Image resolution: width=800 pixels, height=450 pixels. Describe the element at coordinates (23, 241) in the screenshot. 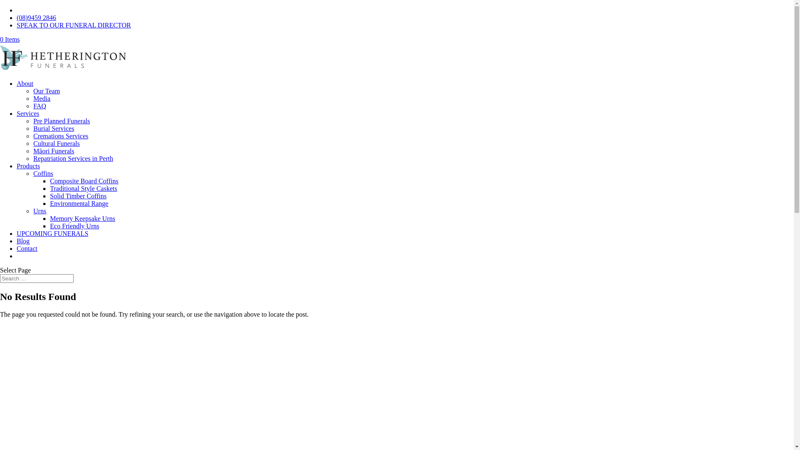

I see `'Blog'` at that location.